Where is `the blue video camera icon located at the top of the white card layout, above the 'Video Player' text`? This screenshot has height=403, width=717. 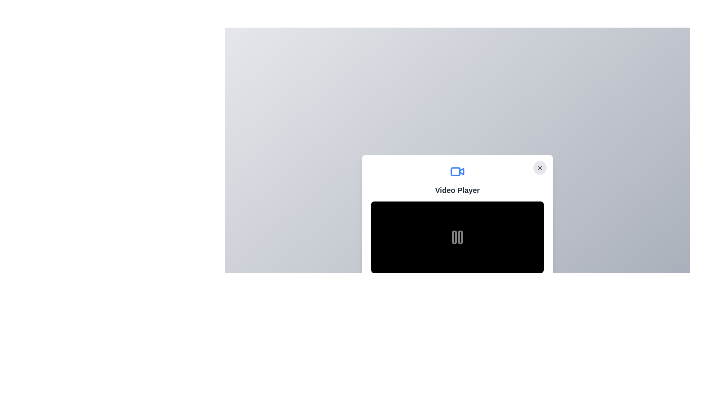 the blue video camera icon located at the top of the white card layout, above the 'Video Player' text is located at coordinates (457, 171).